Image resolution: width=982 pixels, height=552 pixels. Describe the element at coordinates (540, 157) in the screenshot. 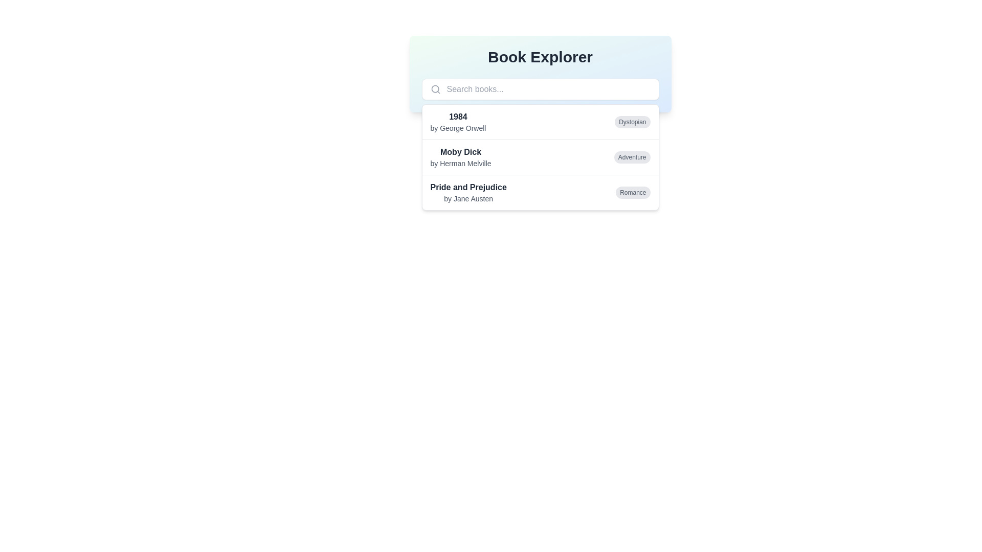

I see `the second entry in the dropdown list, which displays 'Moby Dick' by Herman Melville` at that location.